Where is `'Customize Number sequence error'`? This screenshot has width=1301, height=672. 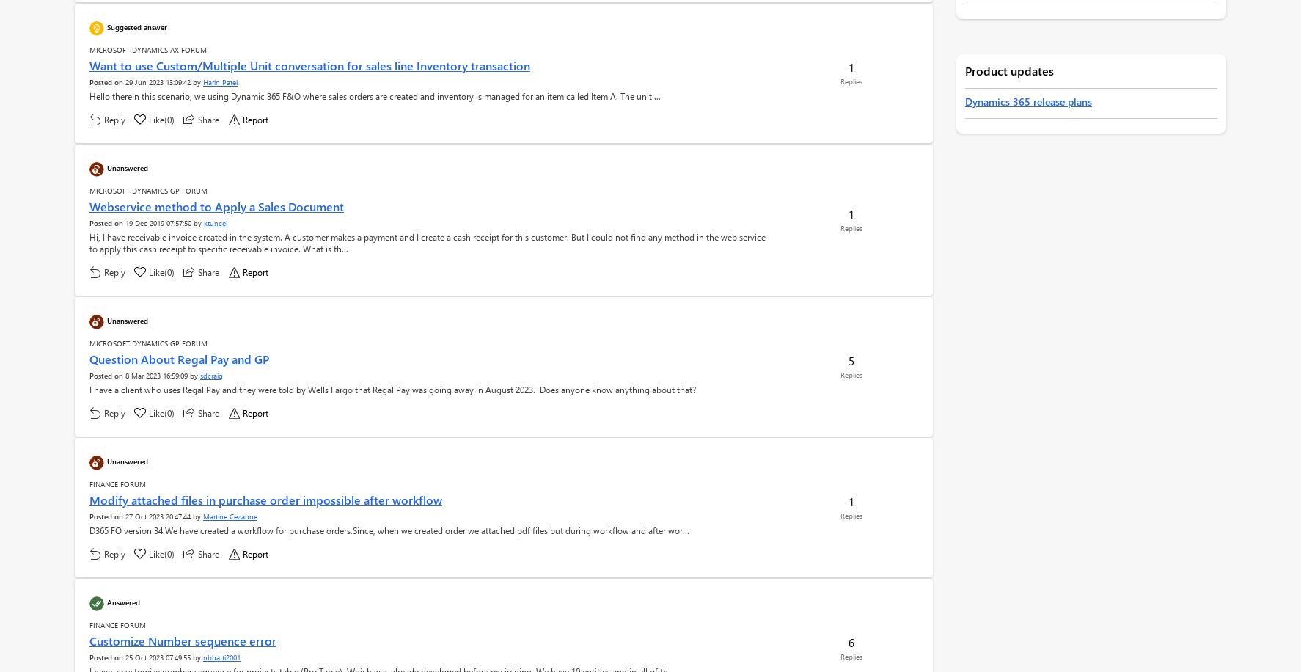
'Customize Number sequence error' is located at coordinates (182, 640).